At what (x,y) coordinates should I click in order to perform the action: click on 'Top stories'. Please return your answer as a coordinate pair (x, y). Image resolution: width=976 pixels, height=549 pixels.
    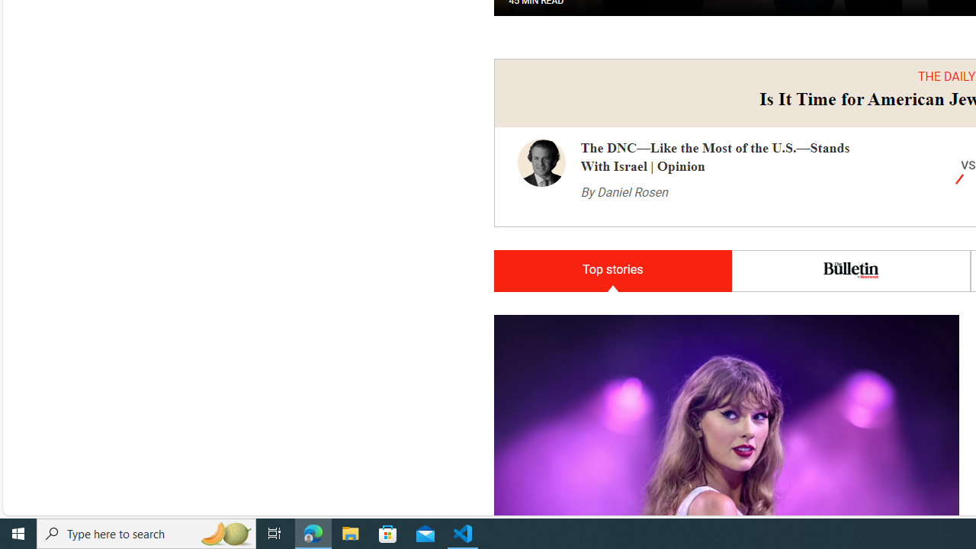
    Looking at the image, I should click on (612, 270).